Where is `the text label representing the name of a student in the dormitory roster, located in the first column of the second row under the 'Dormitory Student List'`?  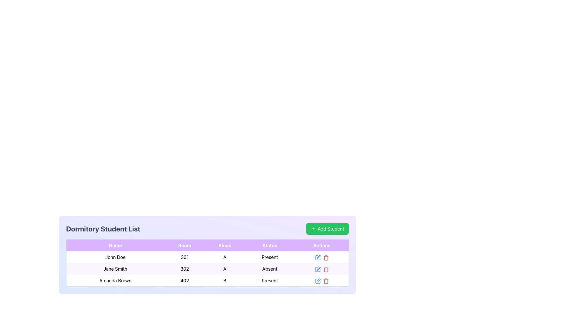 the text label representing the name of a student in the dormitory roster, located in the first column of the second row under the 'Dormitory Student List' is located at coordinates (115, 269).